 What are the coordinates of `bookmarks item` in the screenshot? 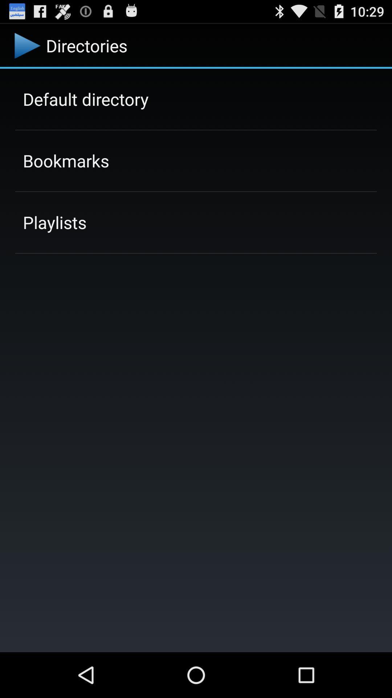 It's located at (66, 160).